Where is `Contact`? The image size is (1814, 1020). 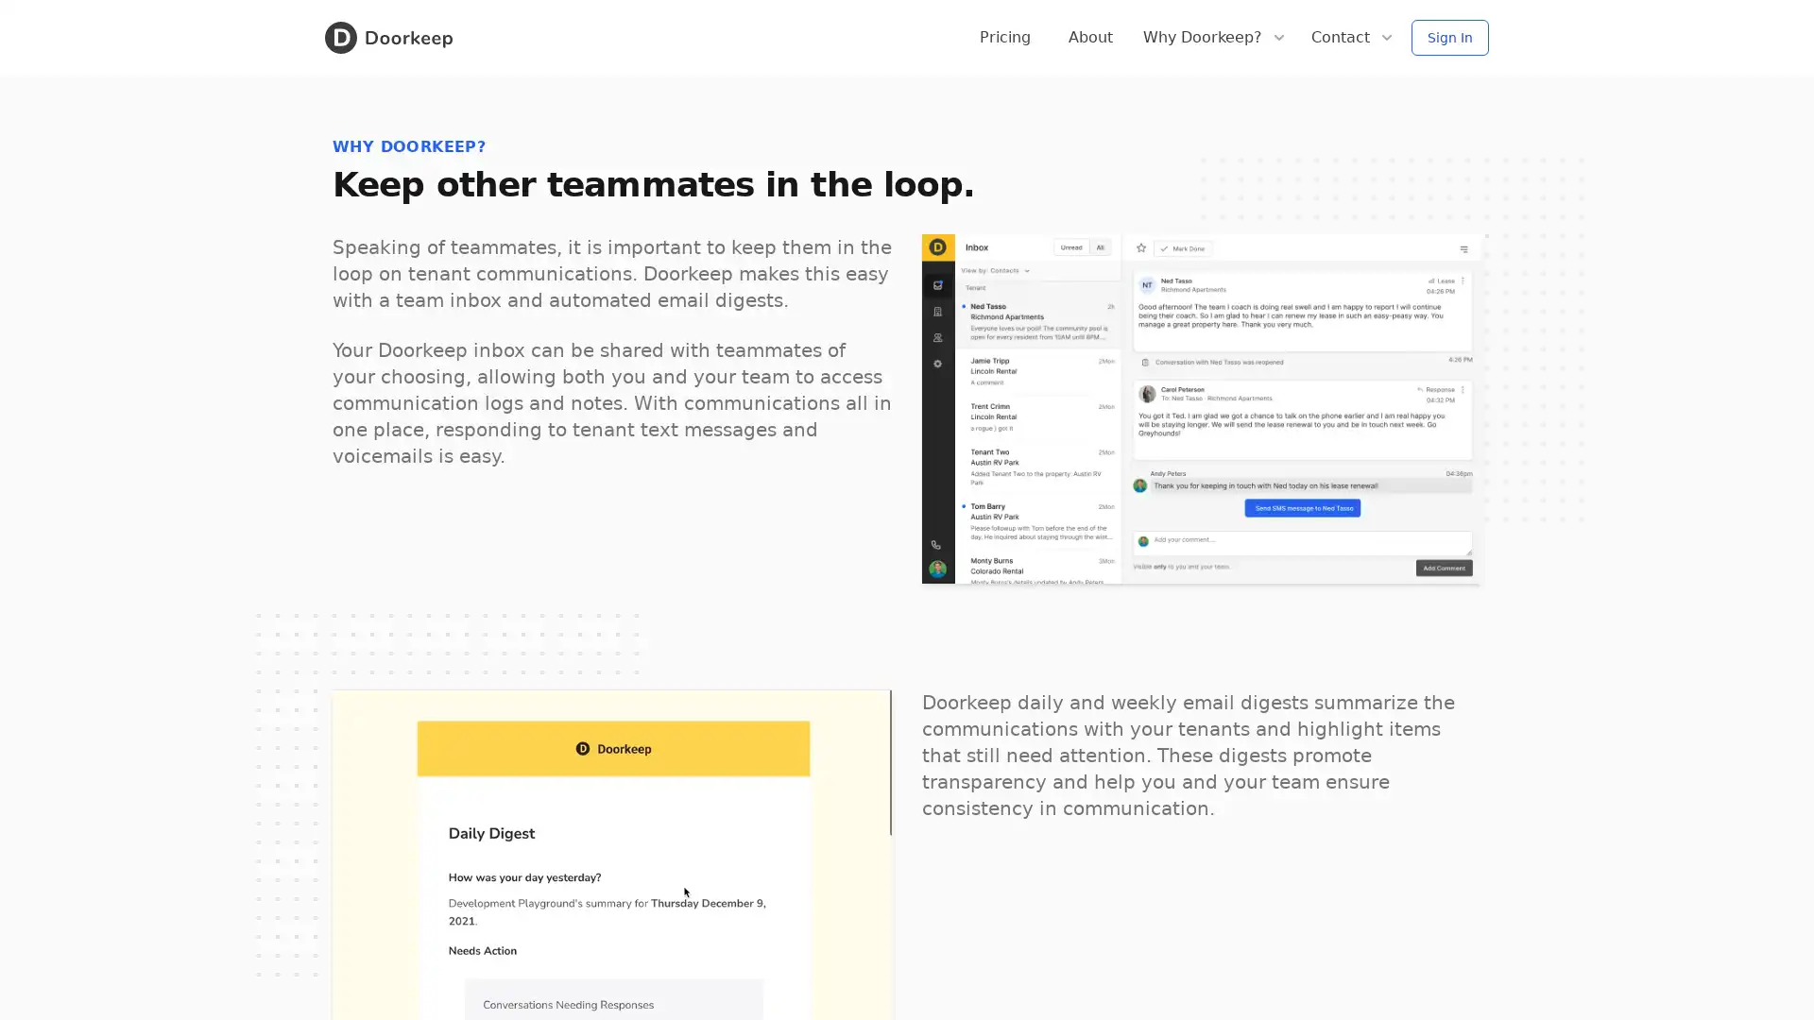
Contact is located at coordinates (1353, 37).